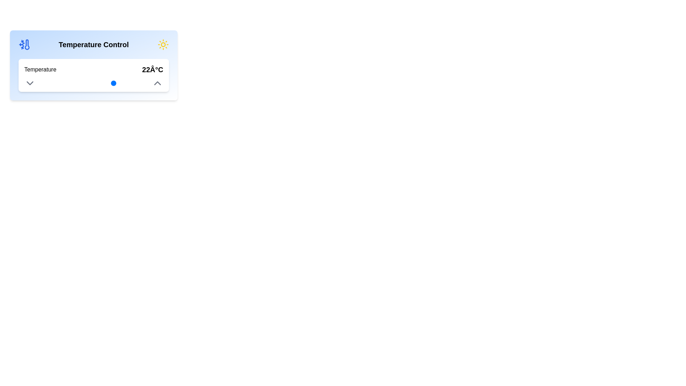 The width and height of the screenshot is (686, 386). What do you see at coordinates (157, 83) in the screenshot?
I see `the upward-pointing chevron icon/button located on the right side of the control interface panel, above the 'Temperature' label` at bounding box center [157, 83].